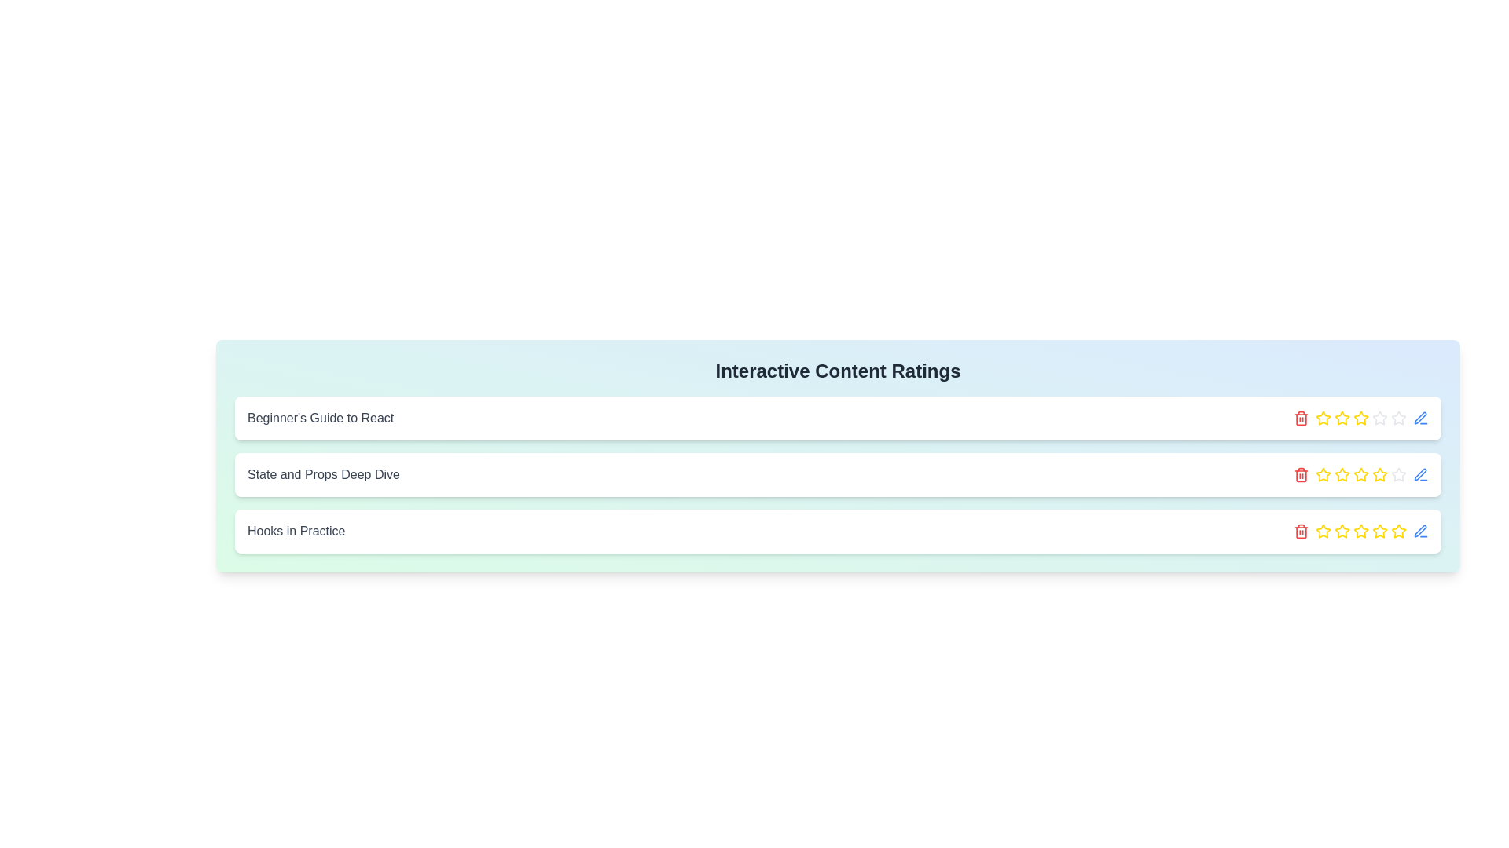 The image size is (1509, 848). I want to click on the third golden star icon in the rating feature, so click(1342, 417).